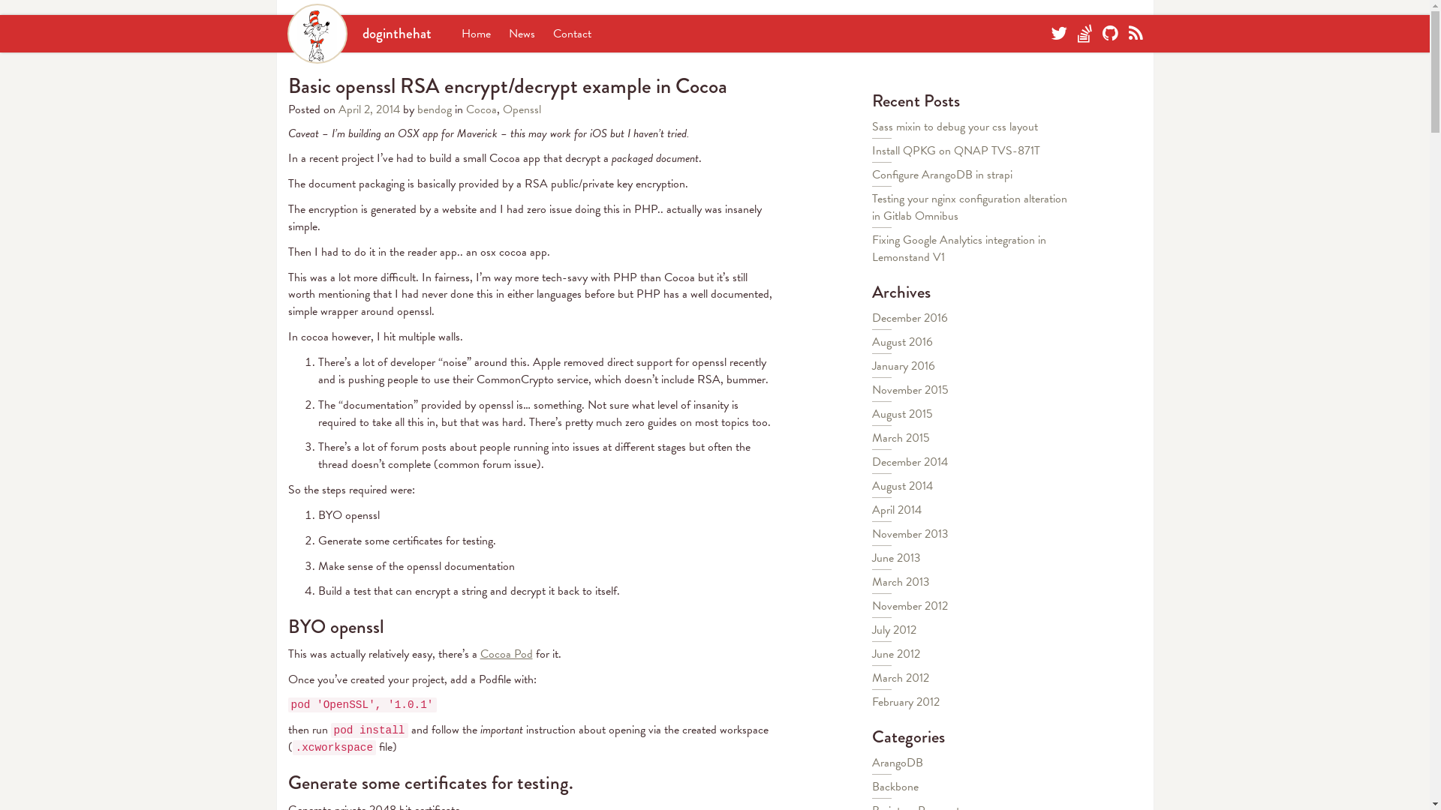  What do you see at coordinates (897, 763) in the screenshot?
I see `'ArangoDB'` at bounding box center [897, 763].